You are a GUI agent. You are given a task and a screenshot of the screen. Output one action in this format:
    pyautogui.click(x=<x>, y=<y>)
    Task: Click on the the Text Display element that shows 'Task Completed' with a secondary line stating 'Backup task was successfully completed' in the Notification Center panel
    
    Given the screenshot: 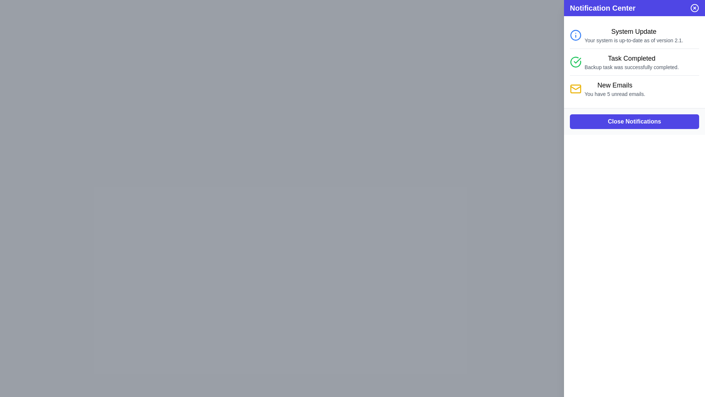 What is the action you would take?
    pyautogui.click(x=631, y=62)
    